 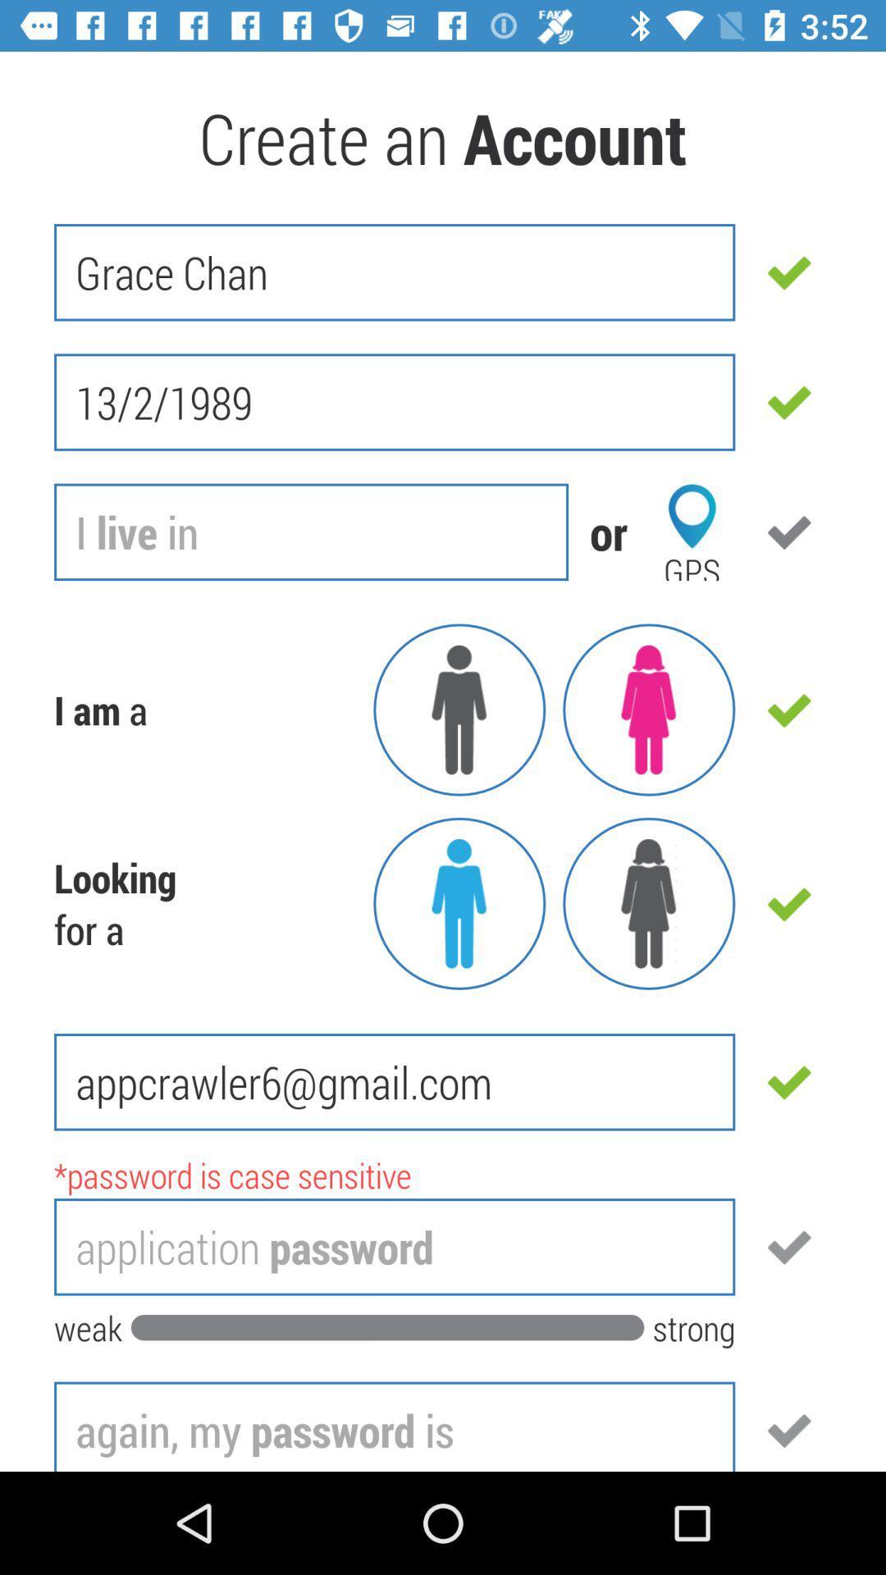 What do you see at coordinates (395, 1082) in the screenshot?
I see `the icon above the password is case item` at bounding box center [395, 1082].